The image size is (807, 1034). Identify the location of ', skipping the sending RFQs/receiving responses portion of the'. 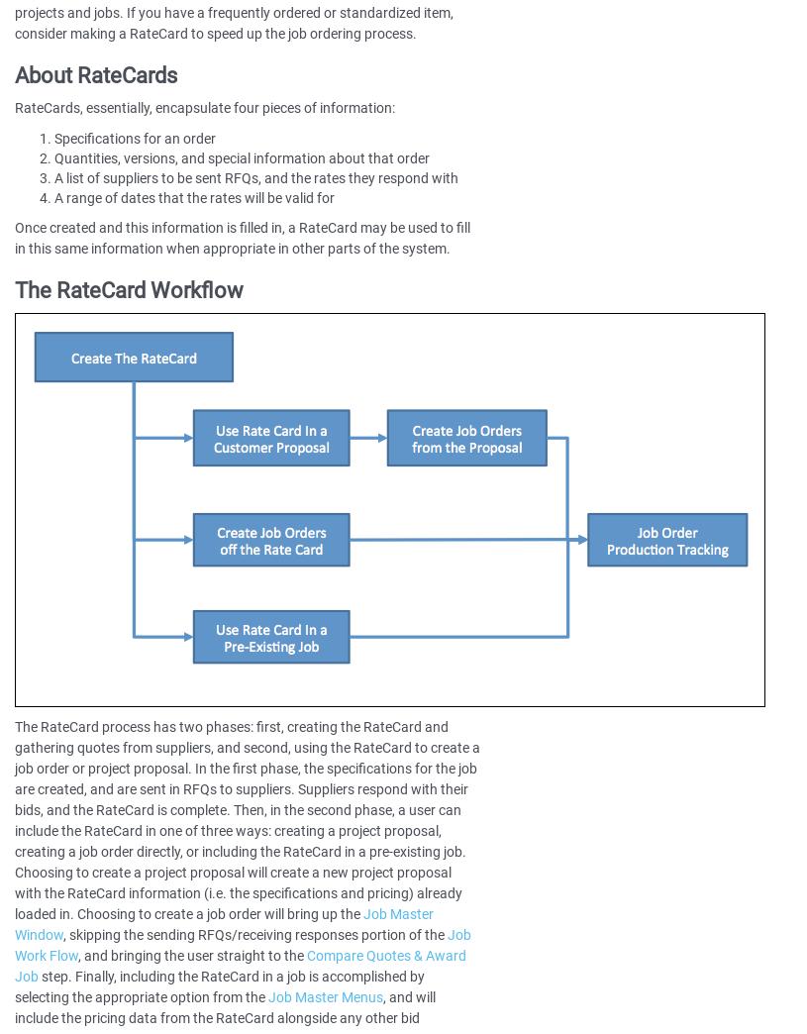
(61, 933).